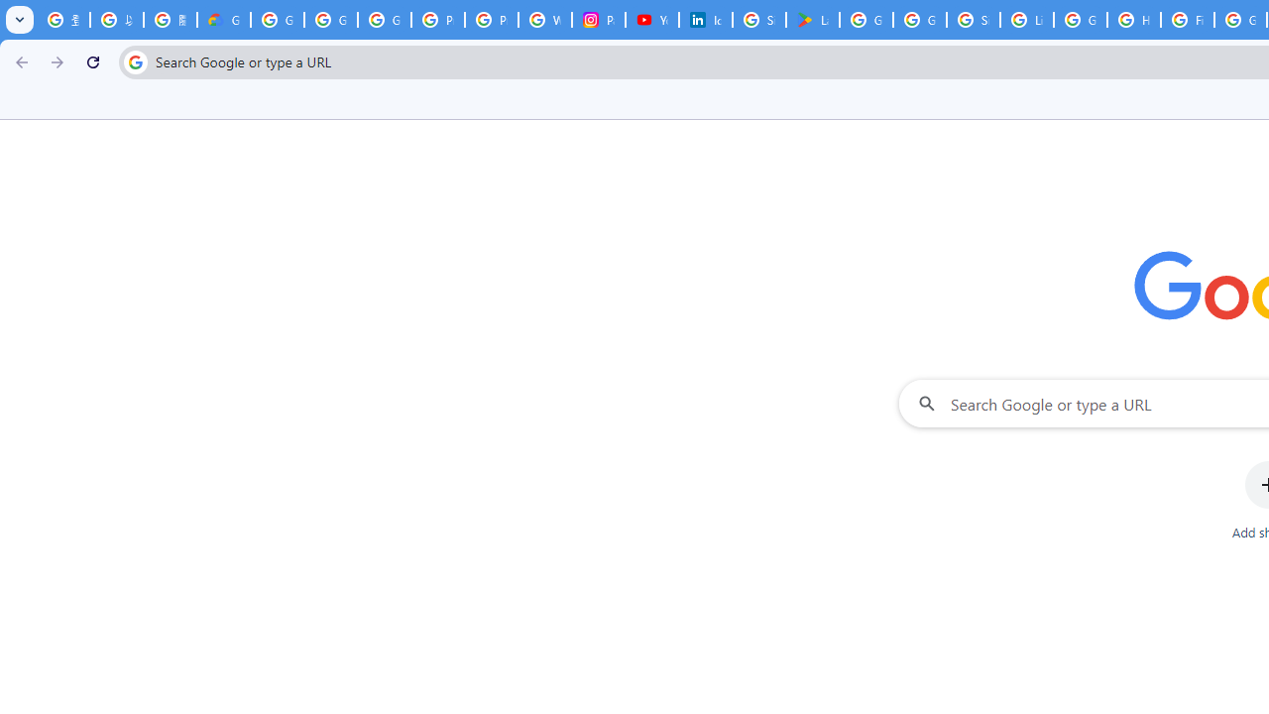 The width and height of the screenshot is (1269, 714). What do you see at coordinates (436, 20) in the screenshot?
I see `'Privacy Help Center - Policies Help'` at bounding box center [436, 20].